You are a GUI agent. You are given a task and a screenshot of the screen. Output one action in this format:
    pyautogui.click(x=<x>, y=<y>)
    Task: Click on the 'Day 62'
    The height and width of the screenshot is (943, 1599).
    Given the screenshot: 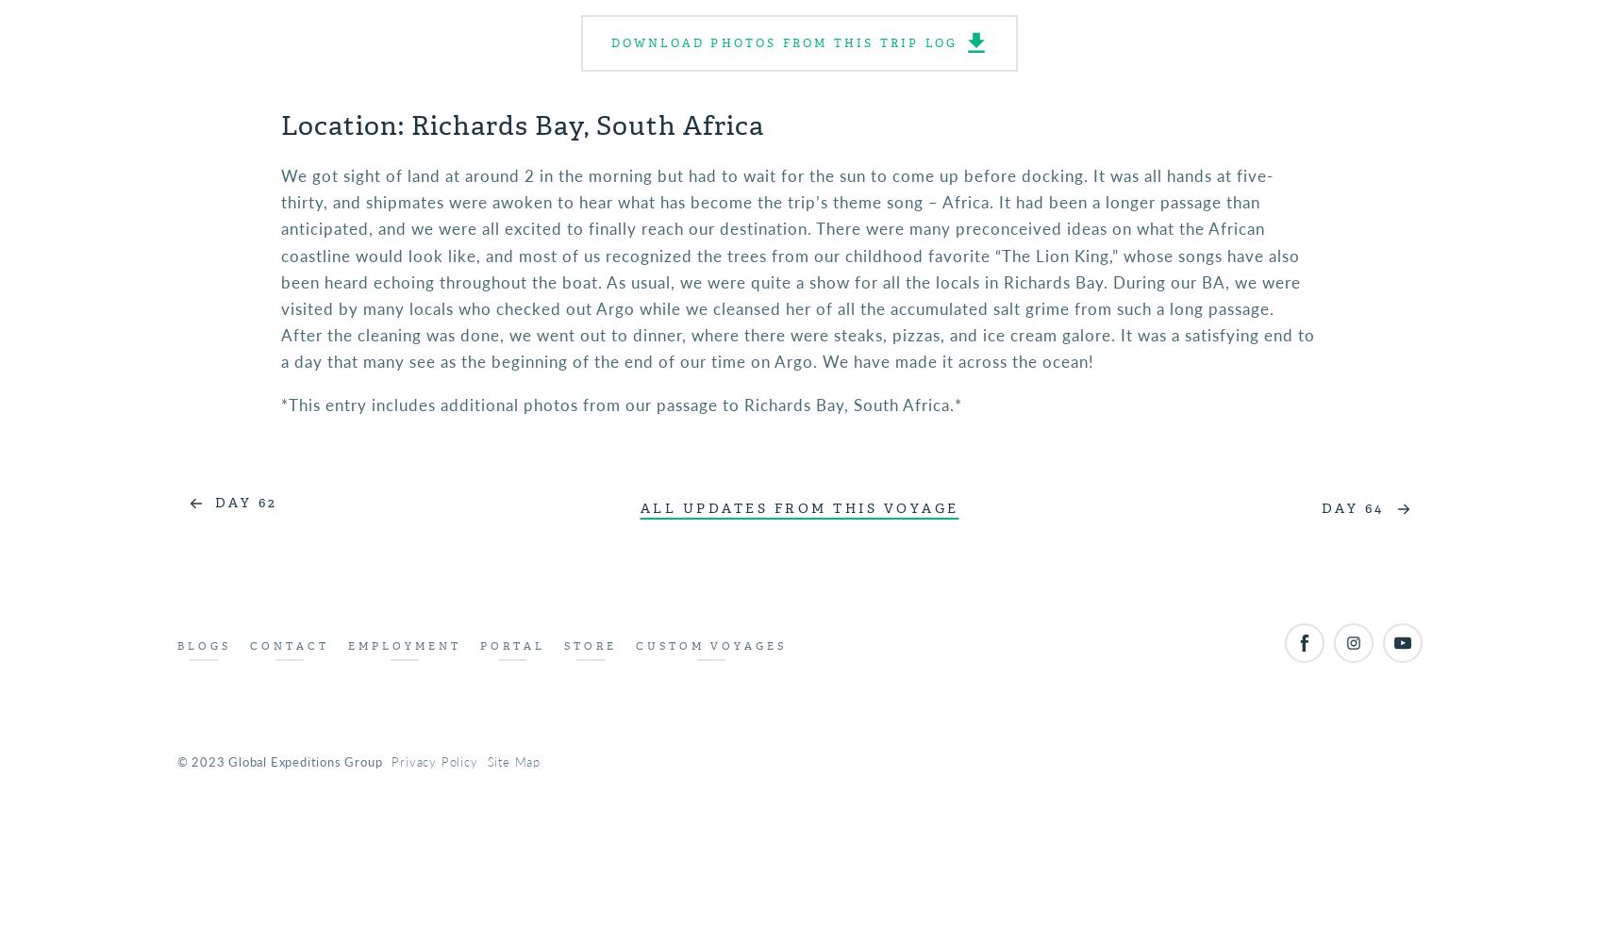 What is the action you would take?
    pyautogui.click(x=212, y=502)
    